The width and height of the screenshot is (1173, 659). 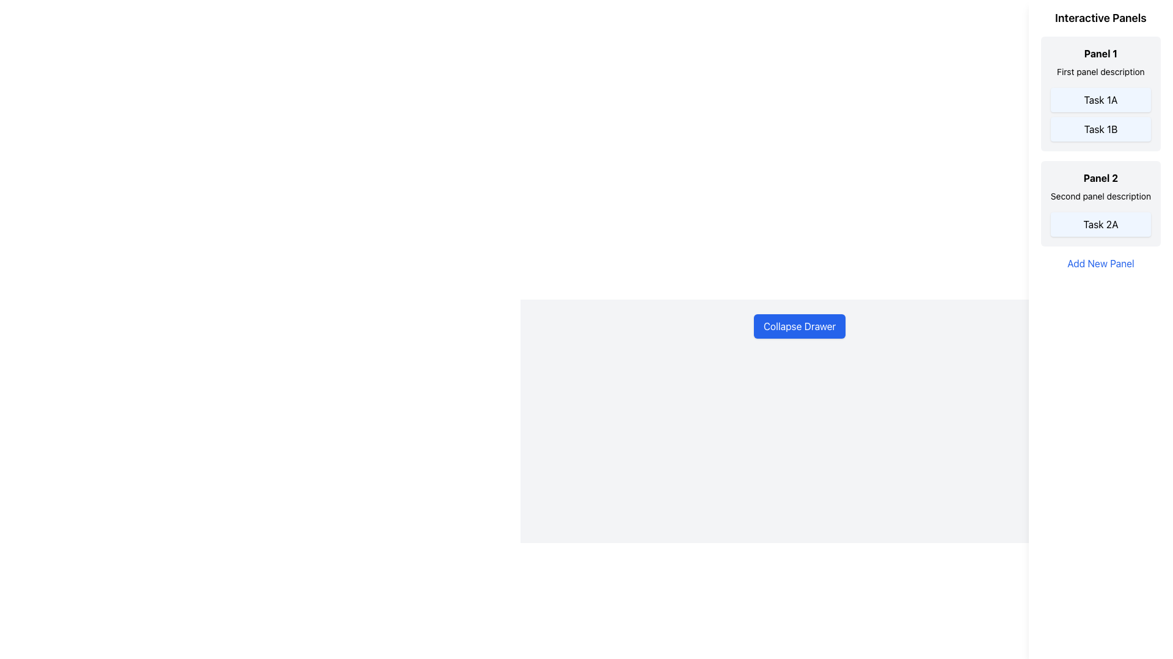 I want to click on the 'Add New Panel' text link located in the 'Interactive Panels' section, so click(x=1100, y=263).